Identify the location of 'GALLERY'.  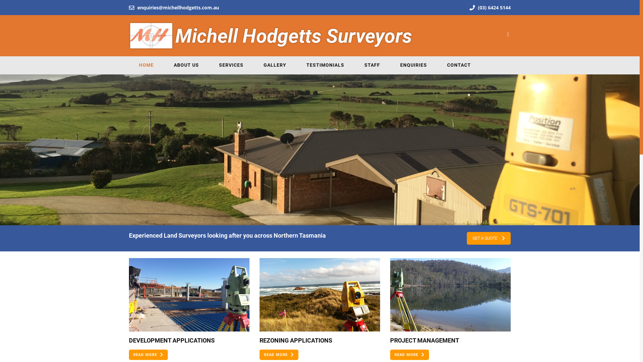
(275, 65).